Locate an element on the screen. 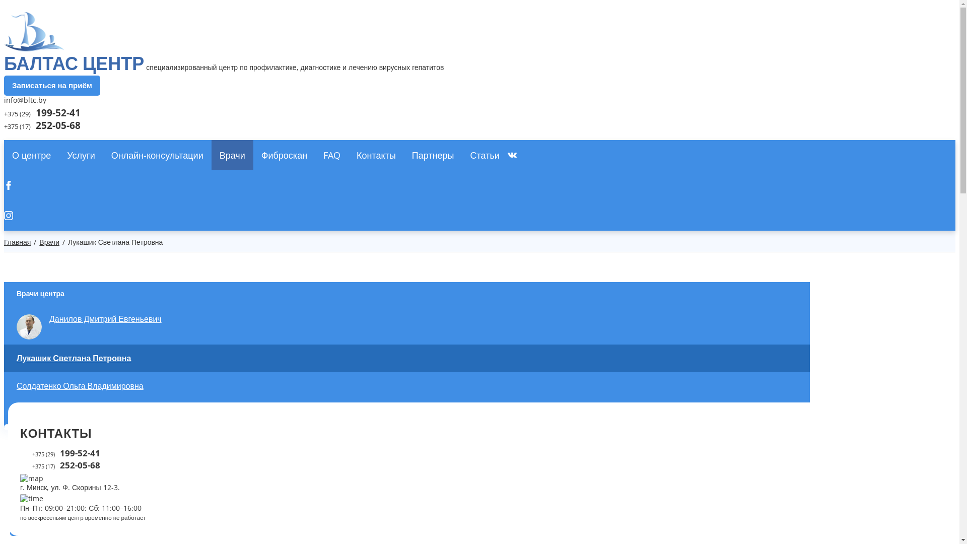 The width and height of the screenshot is (967, 544). 'info@bltc.by' is located at coordinates (4, 100).